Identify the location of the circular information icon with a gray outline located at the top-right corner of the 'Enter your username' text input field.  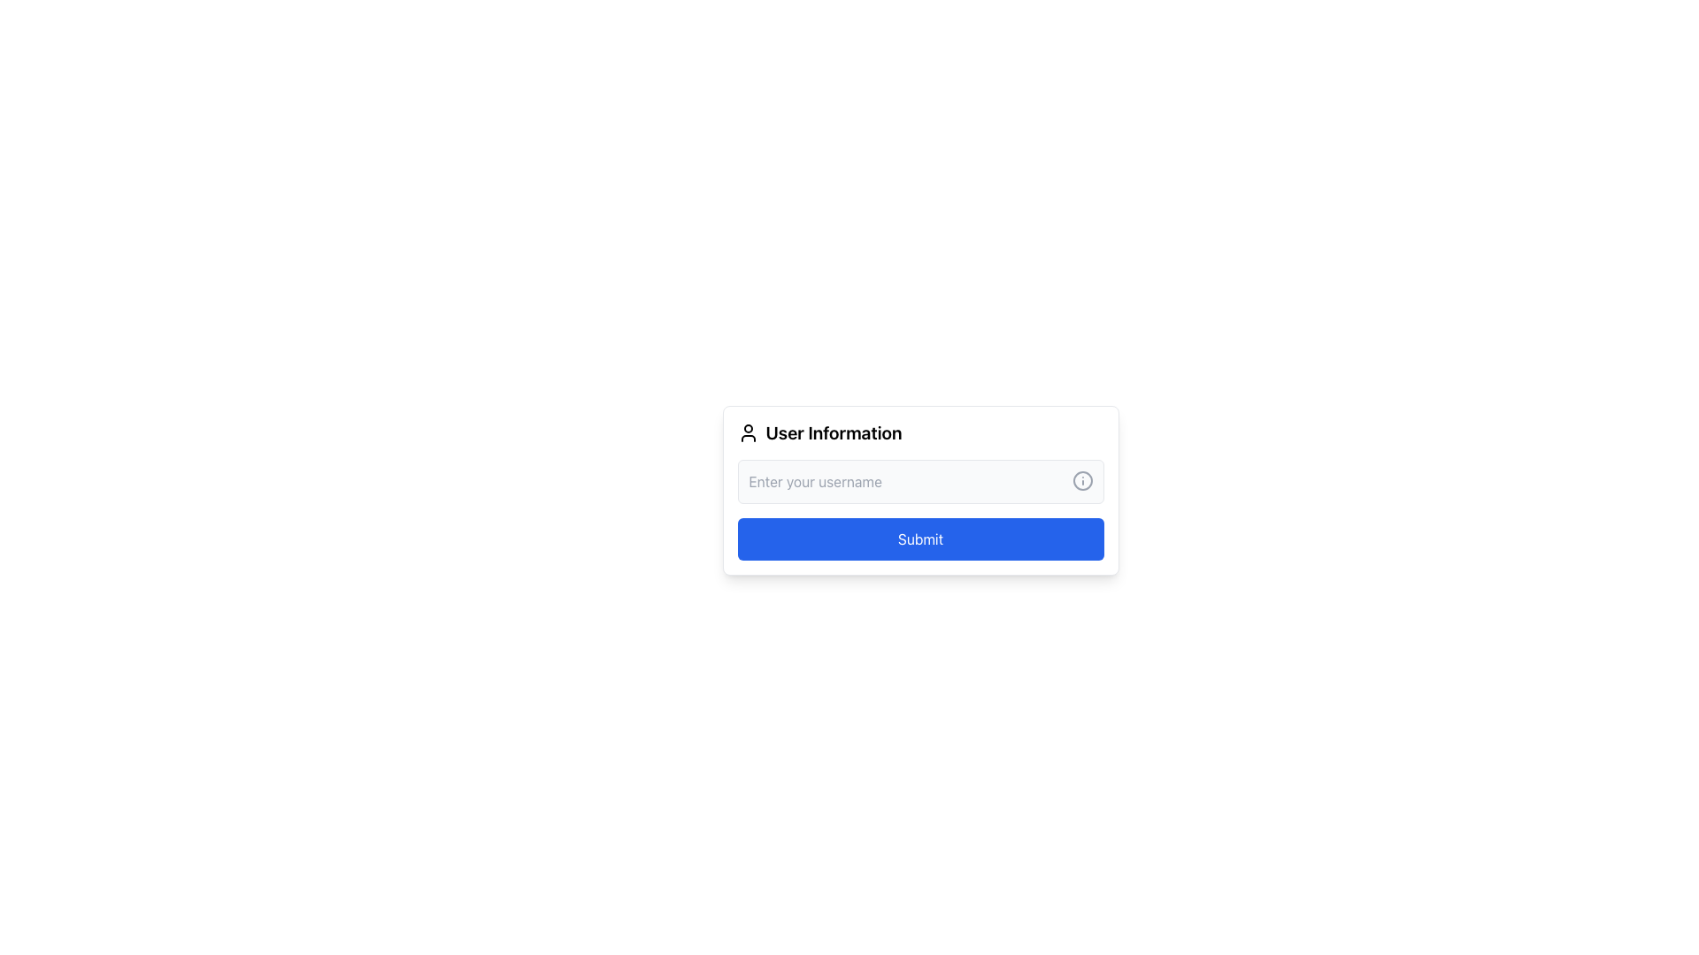
(1081, 480).